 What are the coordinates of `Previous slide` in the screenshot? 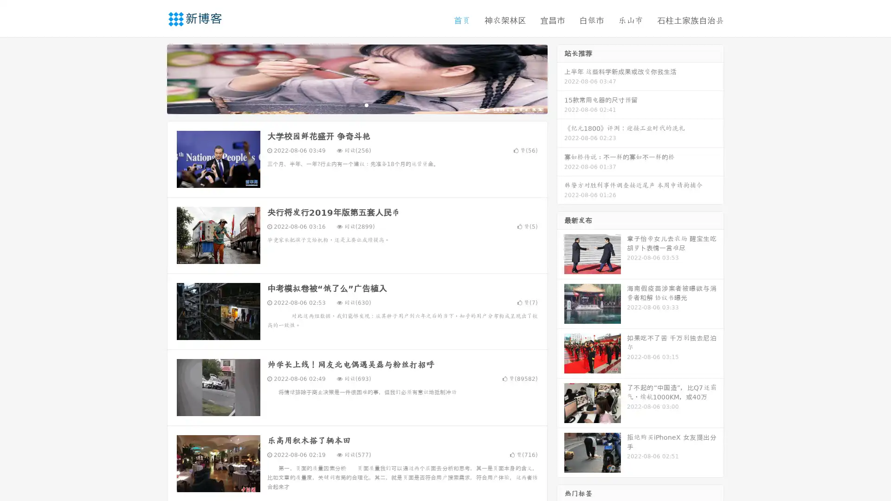 It's located at (153, 78).